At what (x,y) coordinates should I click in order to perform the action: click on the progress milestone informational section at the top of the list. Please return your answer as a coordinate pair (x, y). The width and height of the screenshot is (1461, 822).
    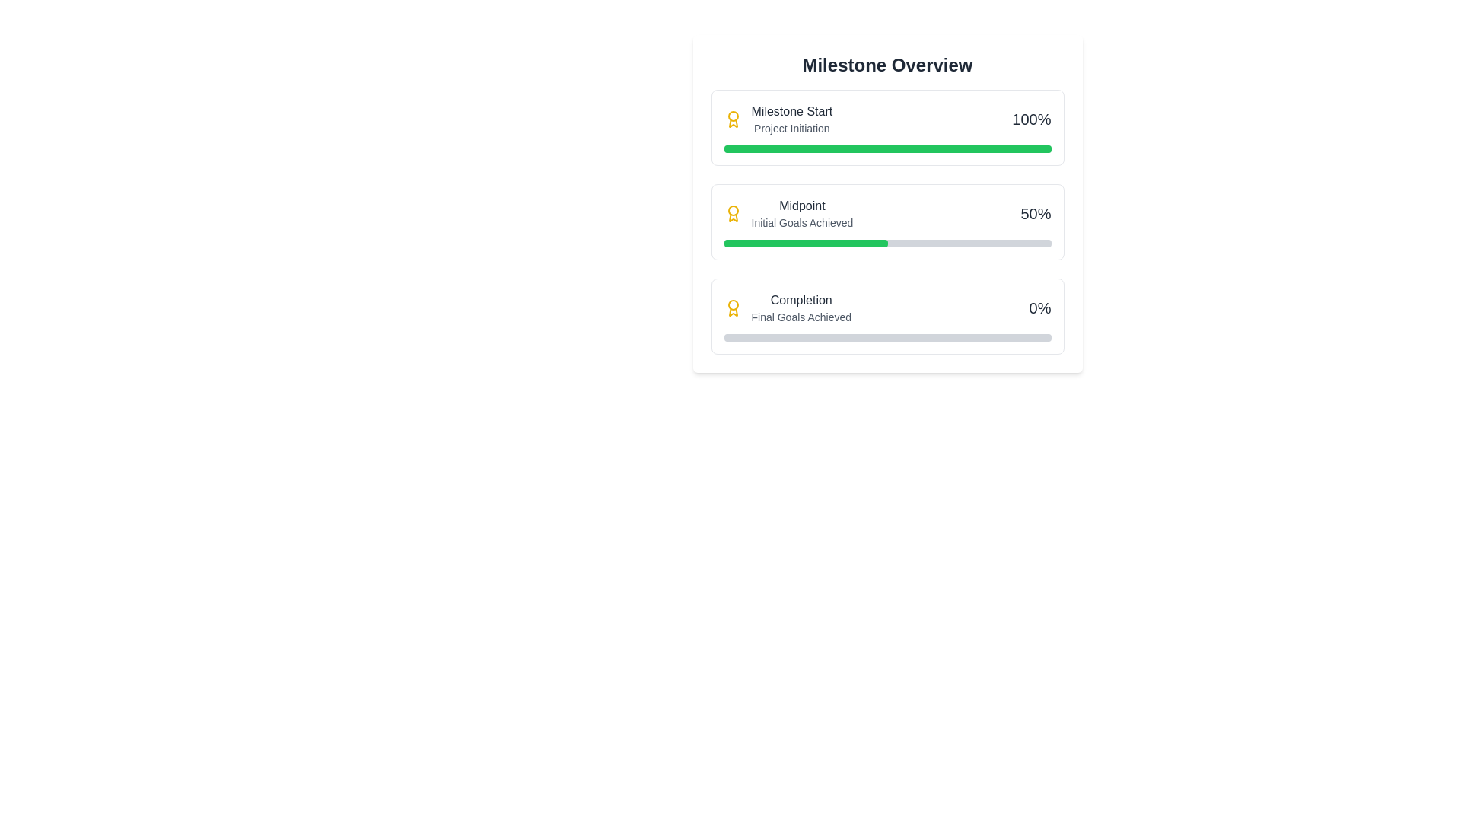
    Looking at the image, I should click on (887, 119).